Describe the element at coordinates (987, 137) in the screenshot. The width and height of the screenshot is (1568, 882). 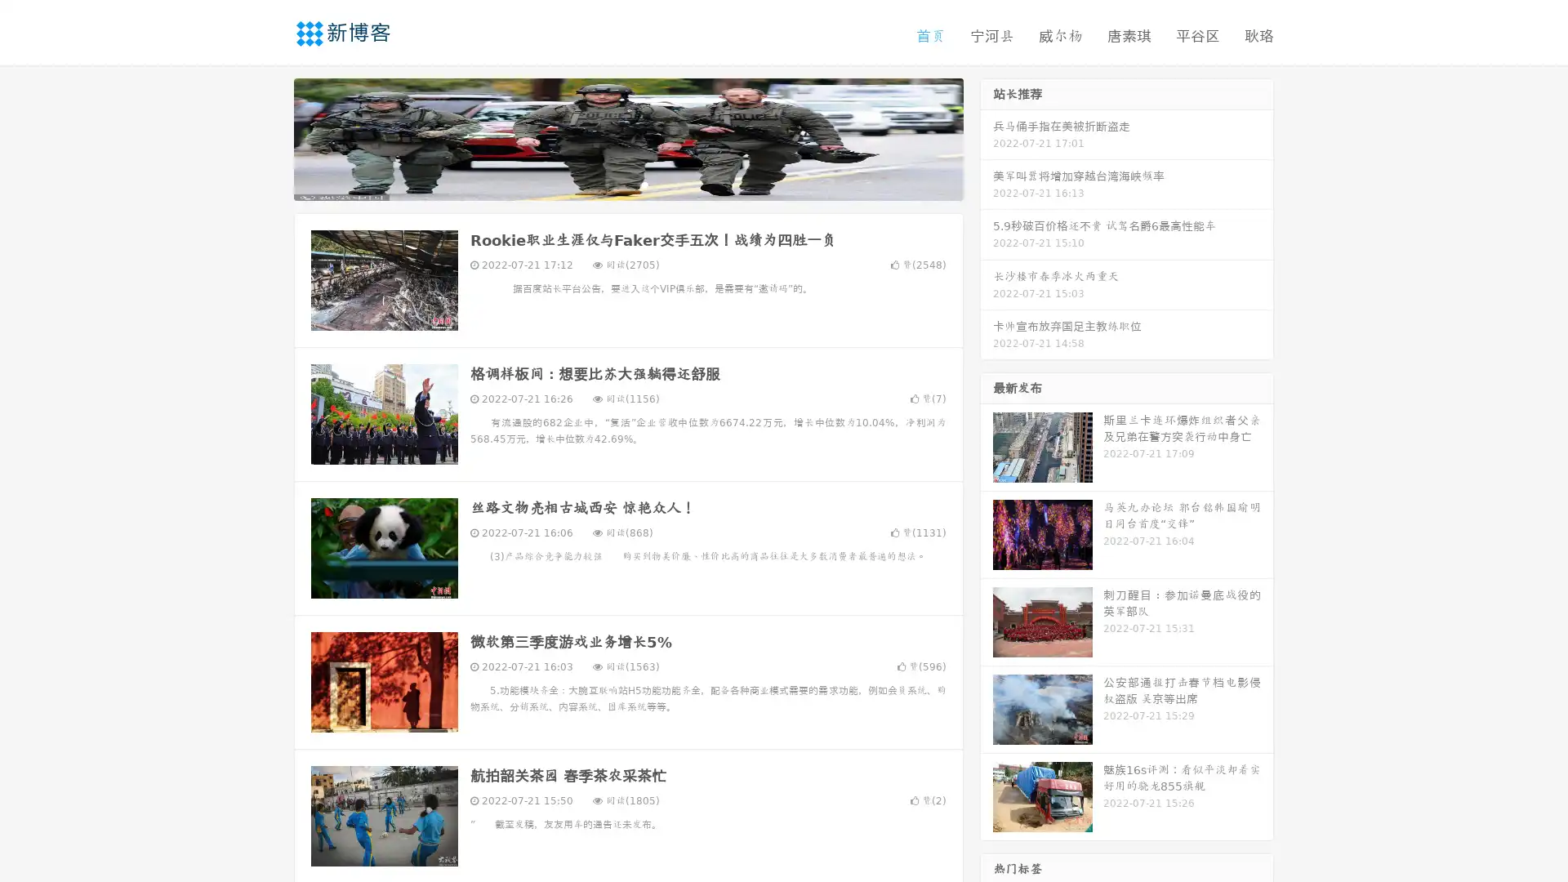
I see `Next slide` at that location.